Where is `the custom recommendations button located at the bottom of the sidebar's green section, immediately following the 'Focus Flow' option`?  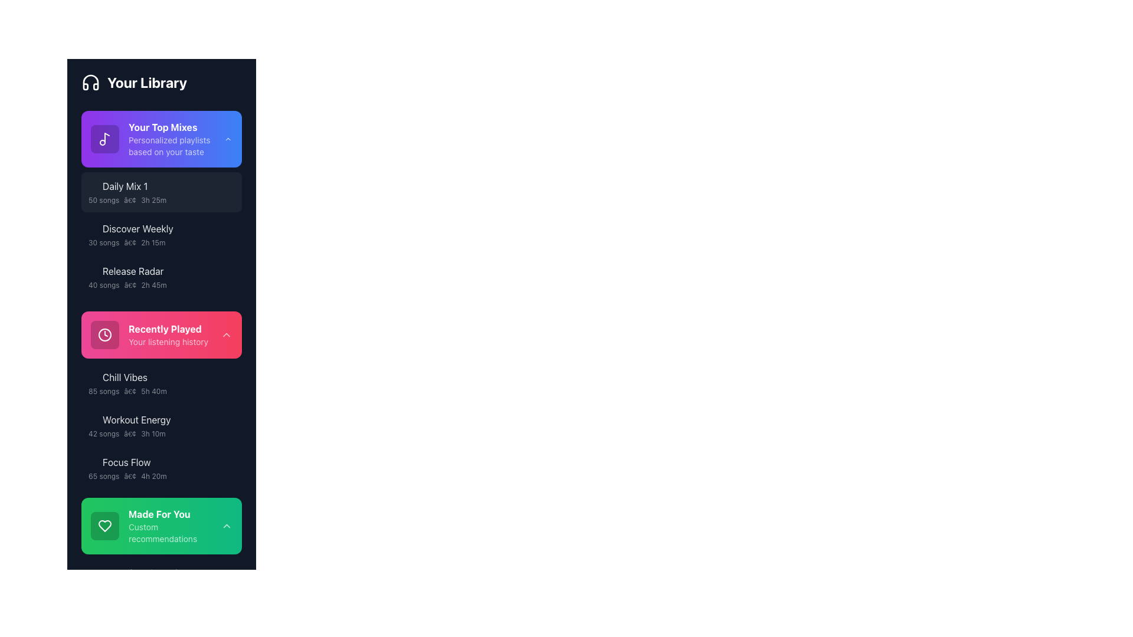
the custom recommendations button located at the bottom of the sidebar's green section, immediately following the 'Focus Flow' option is located at coordinates (155, 525).